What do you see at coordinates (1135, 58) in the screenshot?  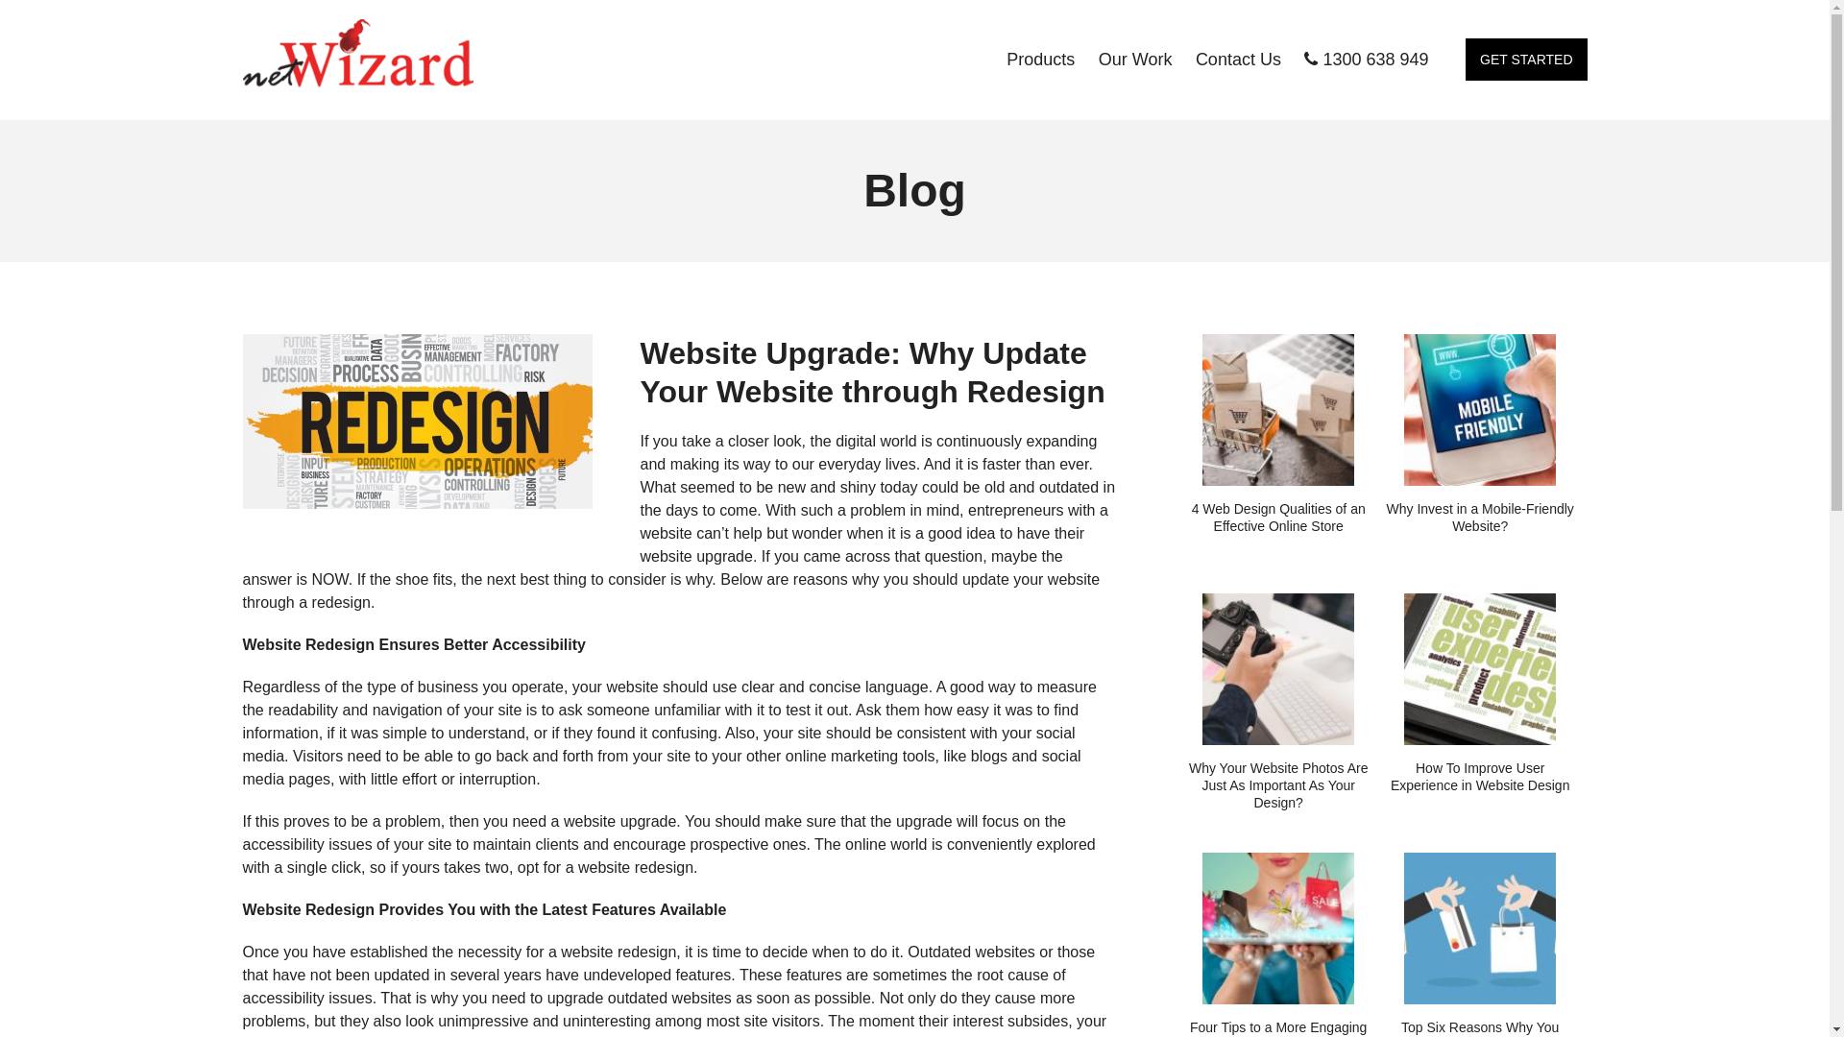 I see `'Our Work'` at bounding box center [1135, 58].